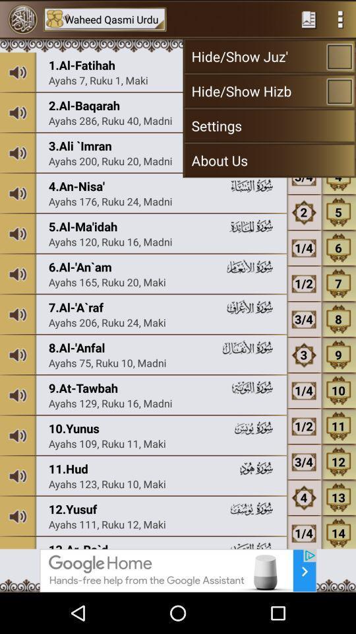 The height and width of the screenshot is (634, 356). What do you see at coordinates (309, 20) in the screenshot?
I see `the bookmark icon` at bounding box center [309, 20].